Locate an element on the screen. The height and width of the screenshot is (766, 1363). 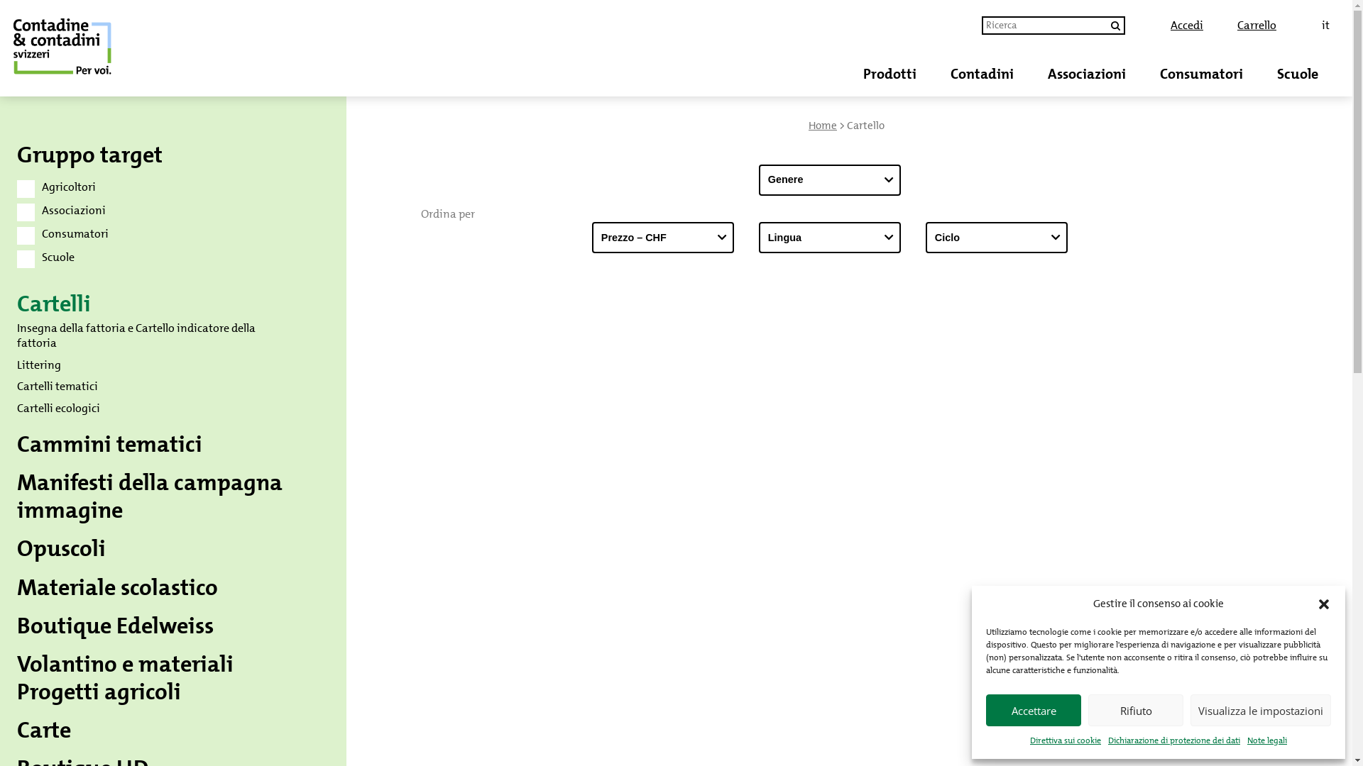
'Genere' is located at coordinates (758, 179).